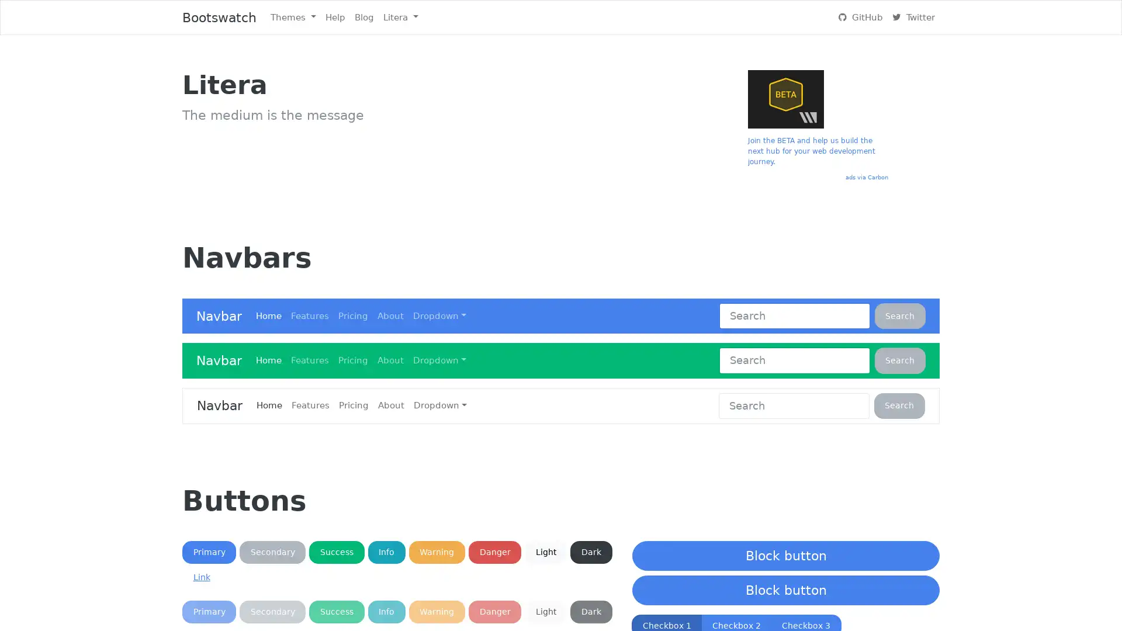  Describe the element at coordinates (494, 552) in the screenshot. I see `Danger` at that location.